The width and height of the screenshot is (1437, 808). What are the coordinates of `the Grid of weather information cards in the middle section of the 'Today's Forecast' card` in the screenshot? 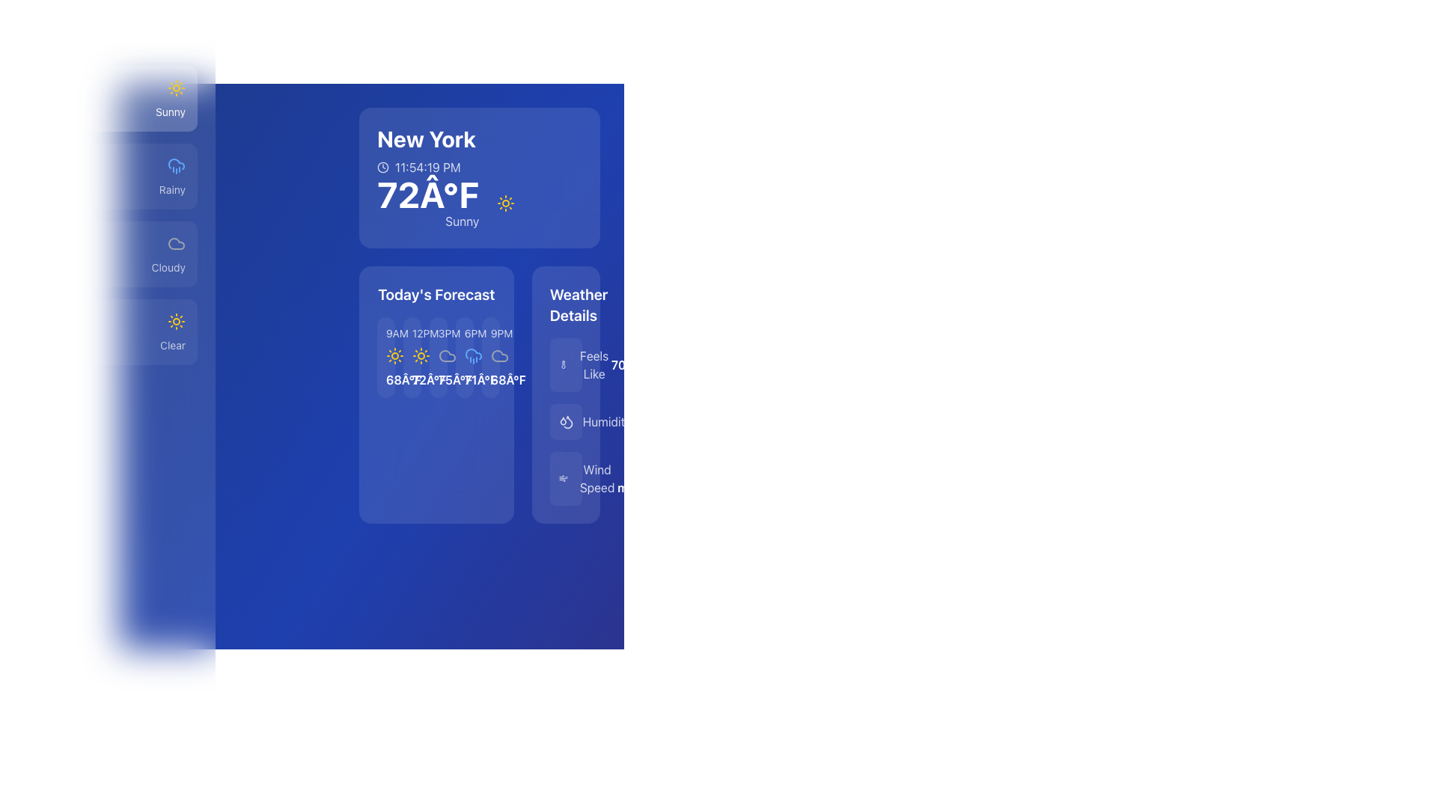 It's located at (436, 358).